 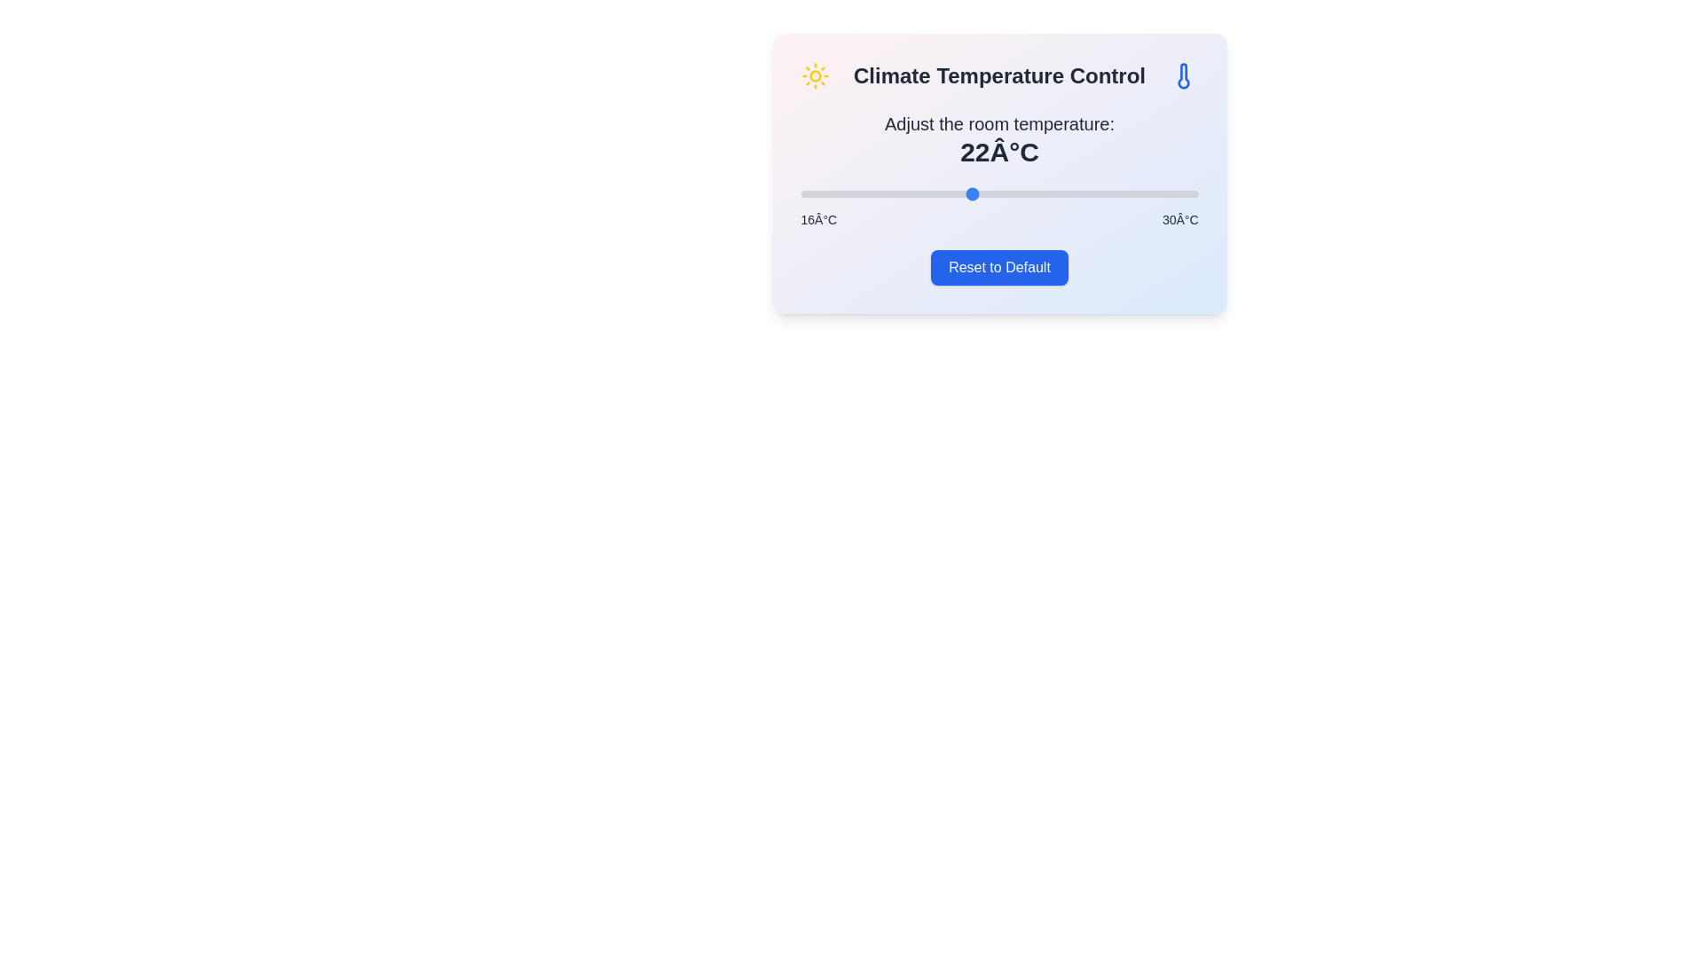 What do you see at coordinates (1141, 194) in the screenshot?
I see `the temperature to 28°C using the slider` at bounding box center [1141, 194].